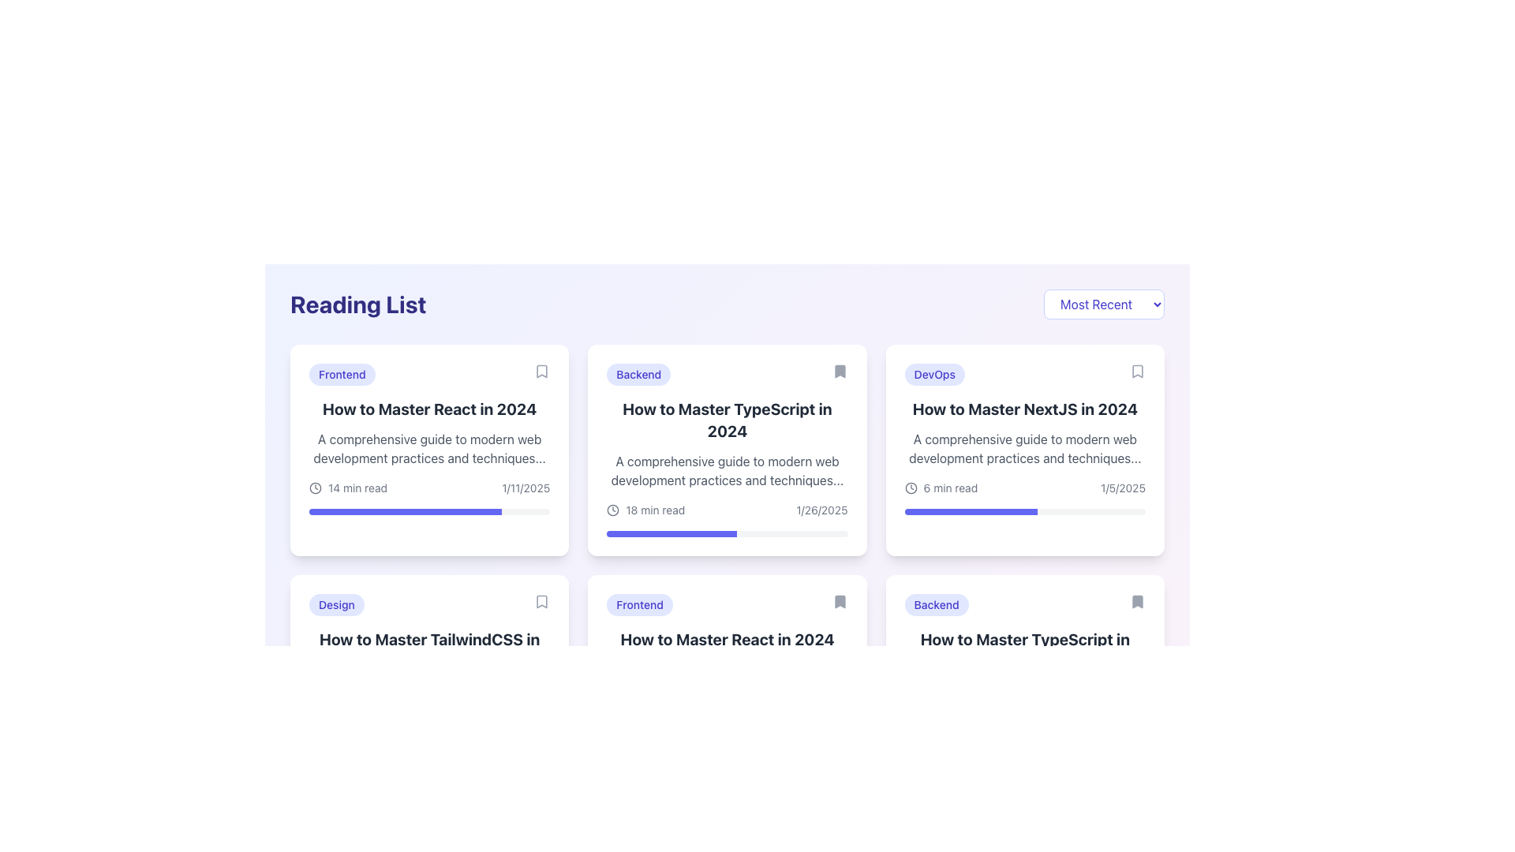 The image size is (1515, 852). I want to click on the rightmost card element in the reading list section, which displays a badge labeled 'DevOps', a title 'How to Master NextJS in 2024', and a progress bar indicating 55% progress, so click(1025, 439).